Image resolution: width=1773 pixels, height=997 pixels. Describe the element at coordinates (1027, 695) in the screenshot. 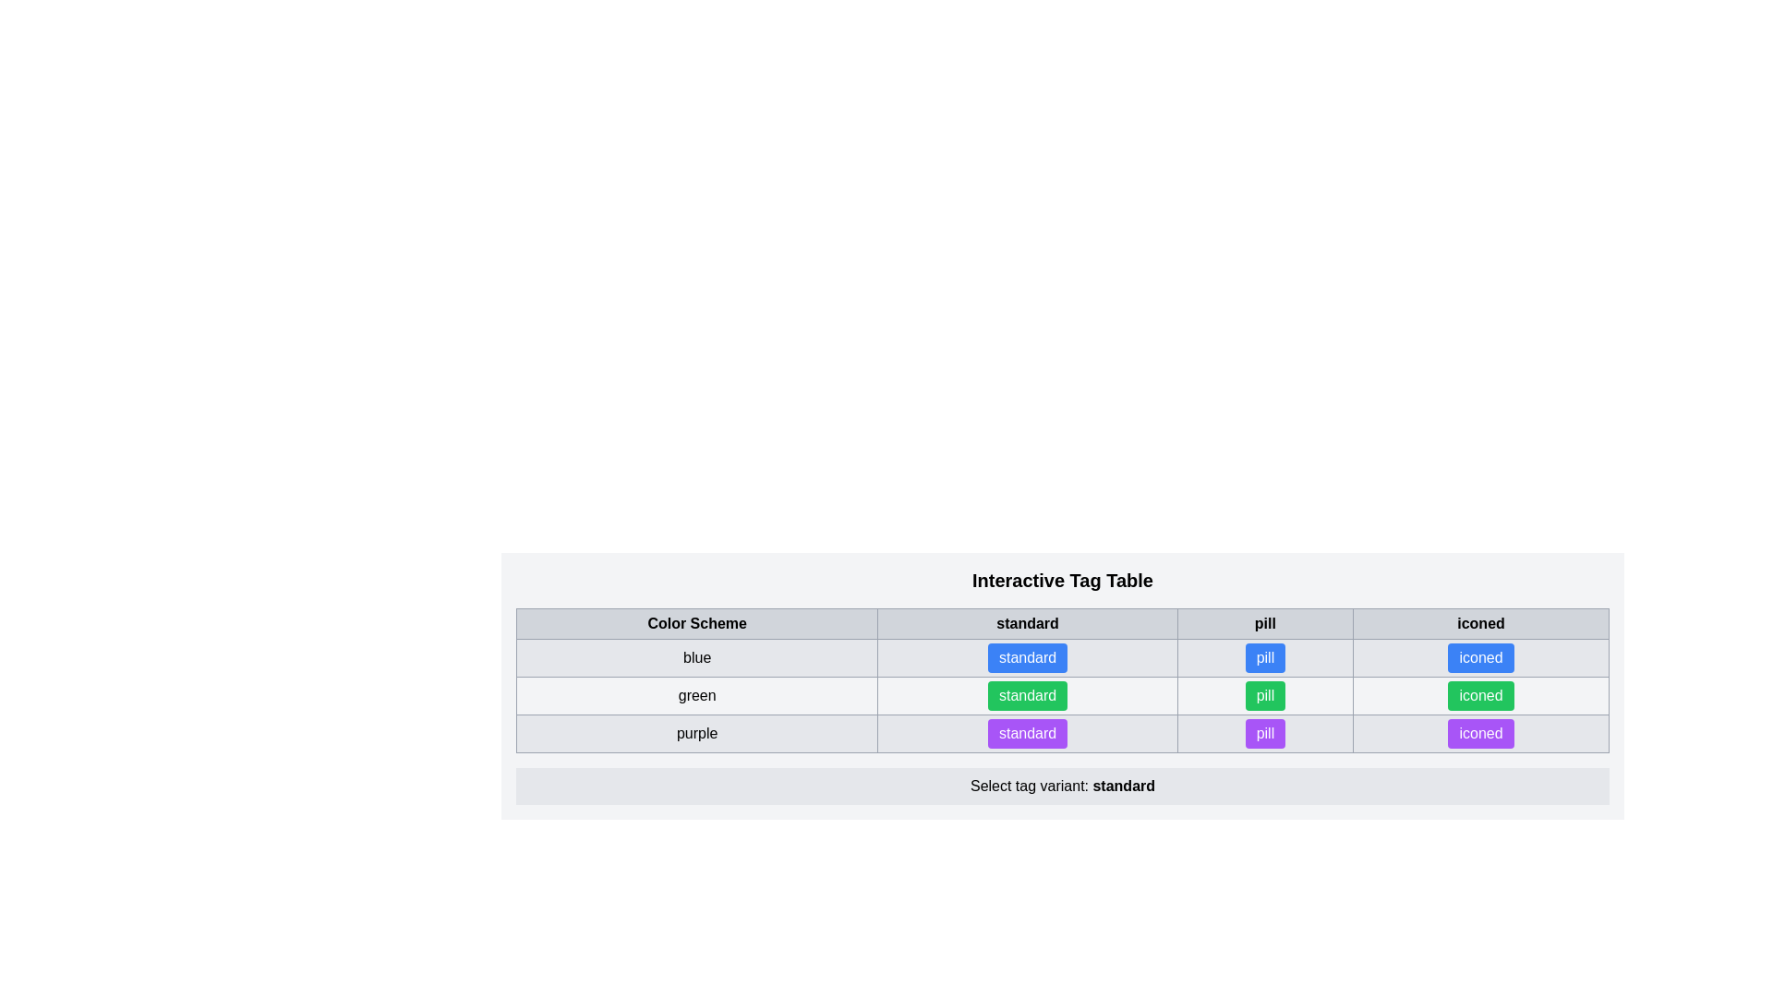

I see `the button that activates the 'standard' tag variant associated with the green color scheme, located in the second row of the table under the 'standard' column and aligned with the 'green' row header` at that location.